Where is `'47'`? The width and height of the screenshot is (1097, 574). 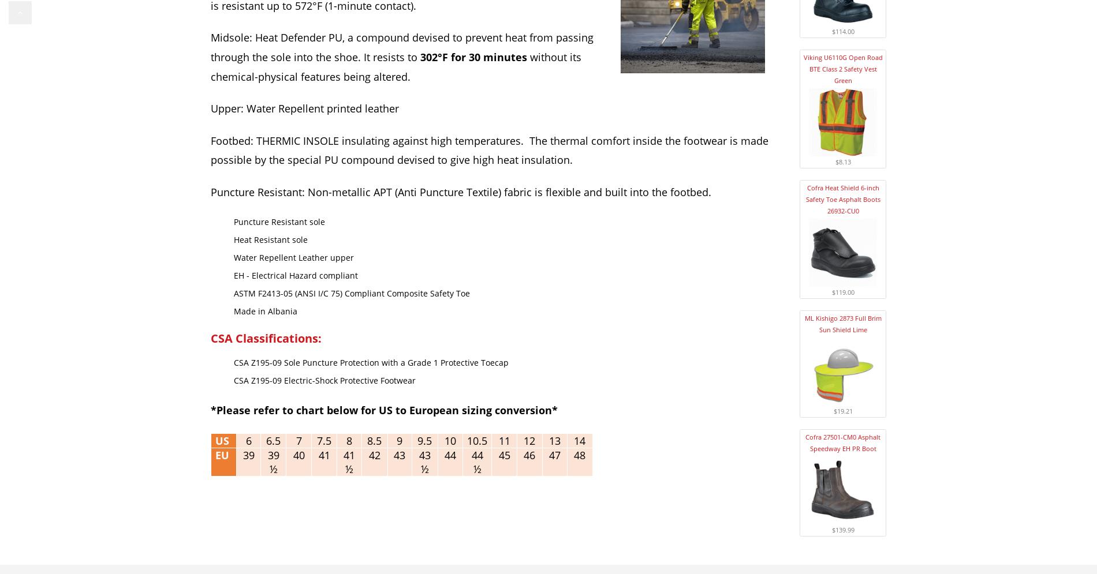
'47' is located at coordinates (554, 455).